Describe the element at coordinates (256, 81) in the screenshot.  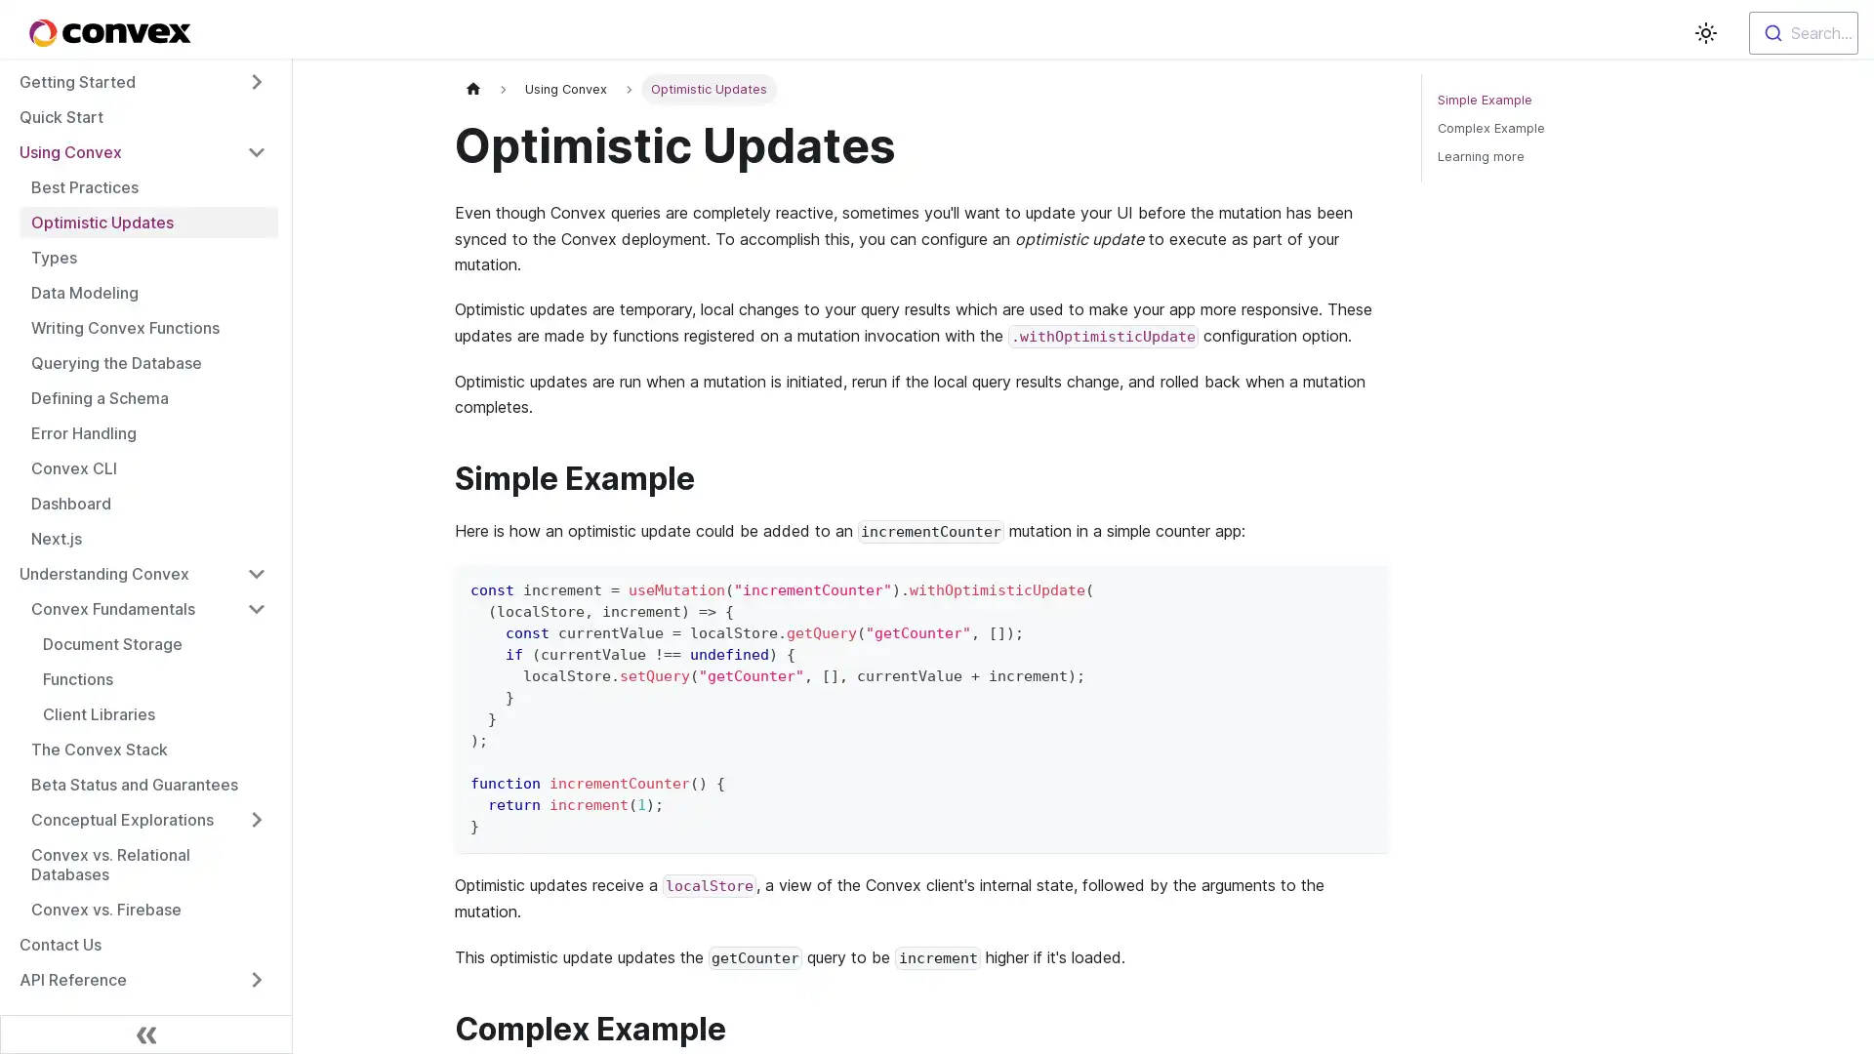
I see `Toggle the collapsible sidebar category 'Getting Started'` at that location.